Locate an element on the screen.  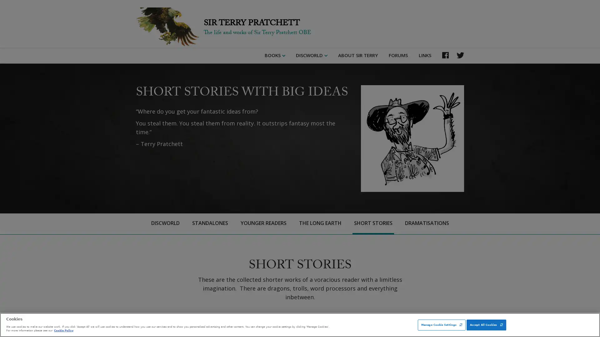
Manage Cookie Settings is located at coordinates (441, 325).